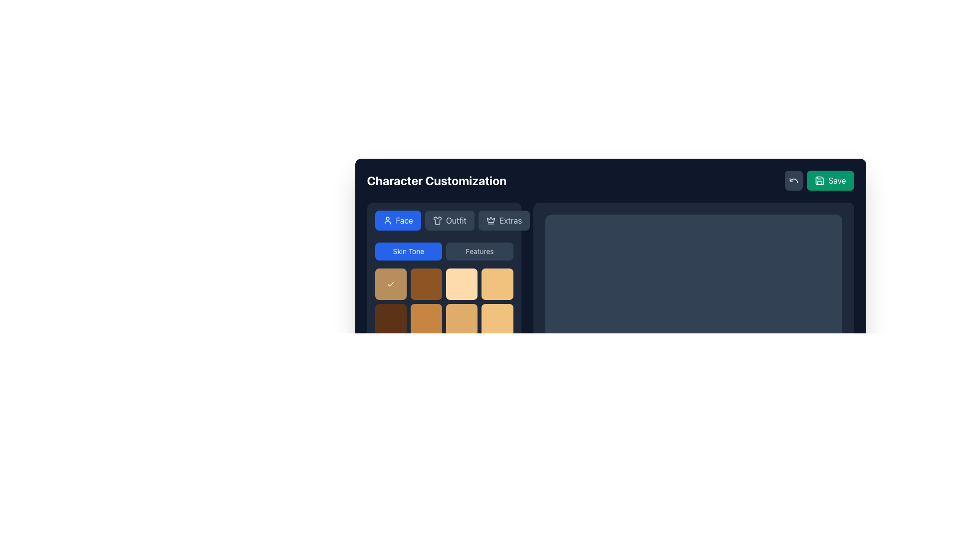  I want to click on a square item within the grid of selectable options under the 'Skin Tone' section of the 'Character Customization' interface, so click(444, 305).